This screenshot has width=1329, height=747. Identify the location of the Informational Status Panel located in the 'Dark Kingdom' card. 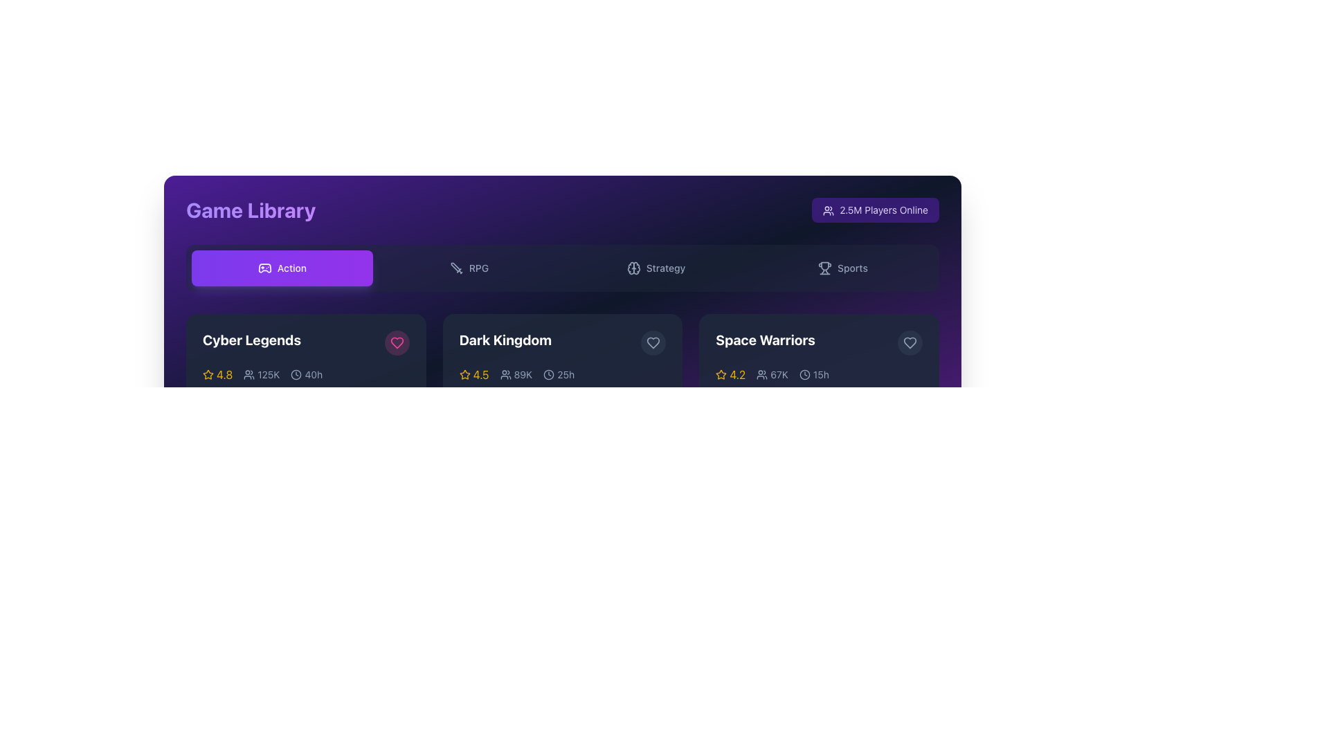
(562, 375).